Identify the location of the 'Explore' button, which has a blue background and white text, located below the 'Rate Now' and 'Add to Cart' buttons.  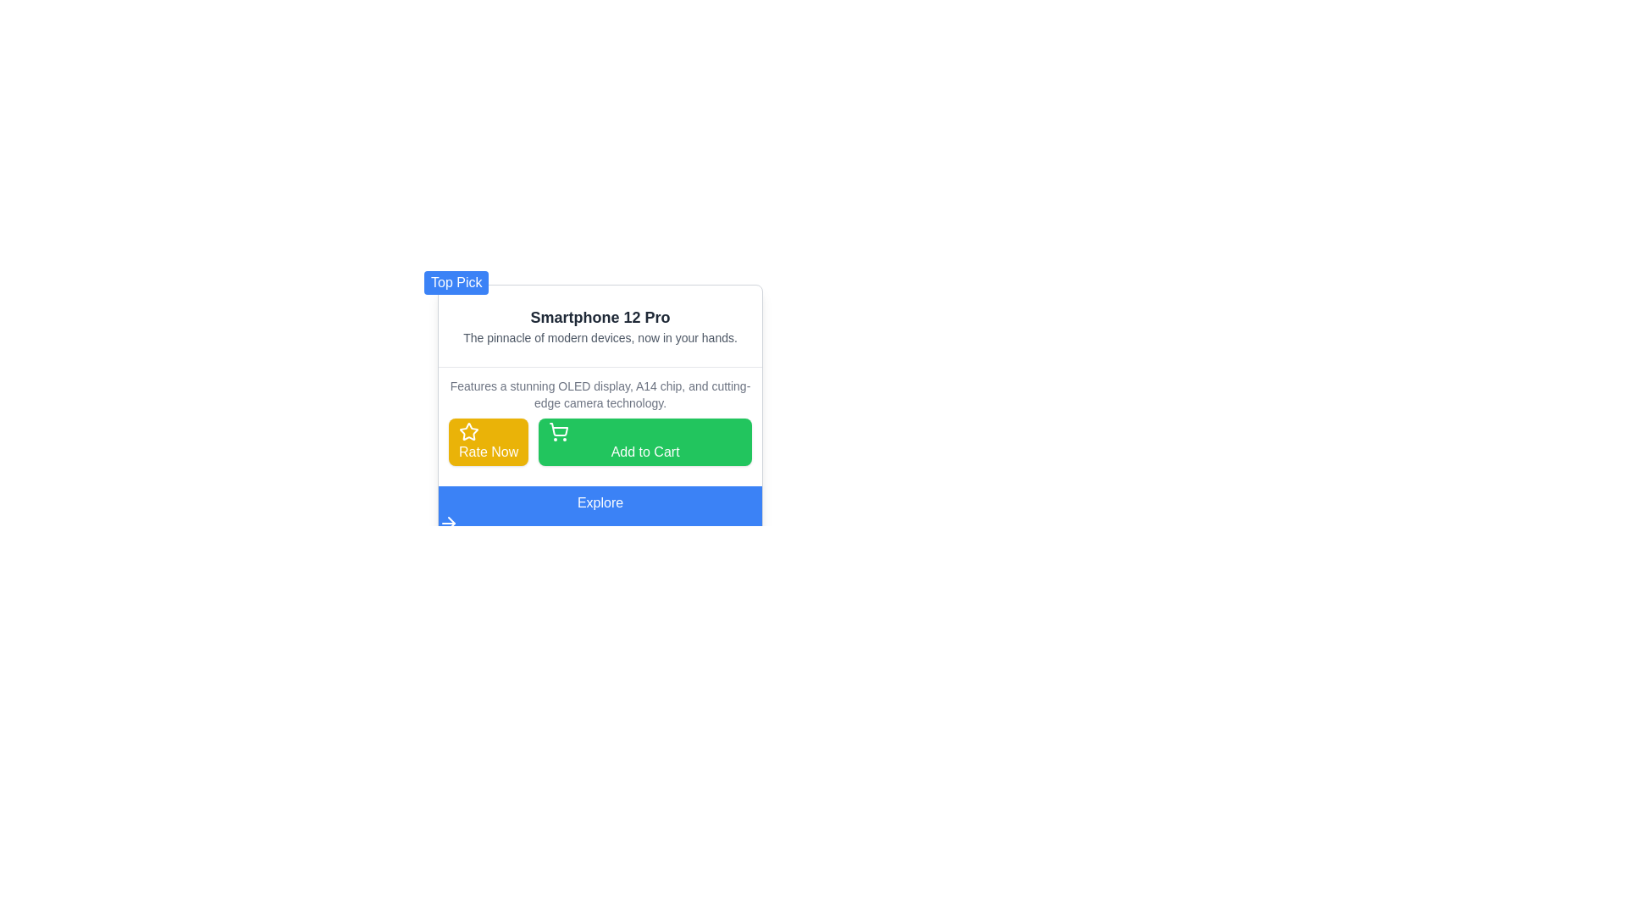
(600, 512).